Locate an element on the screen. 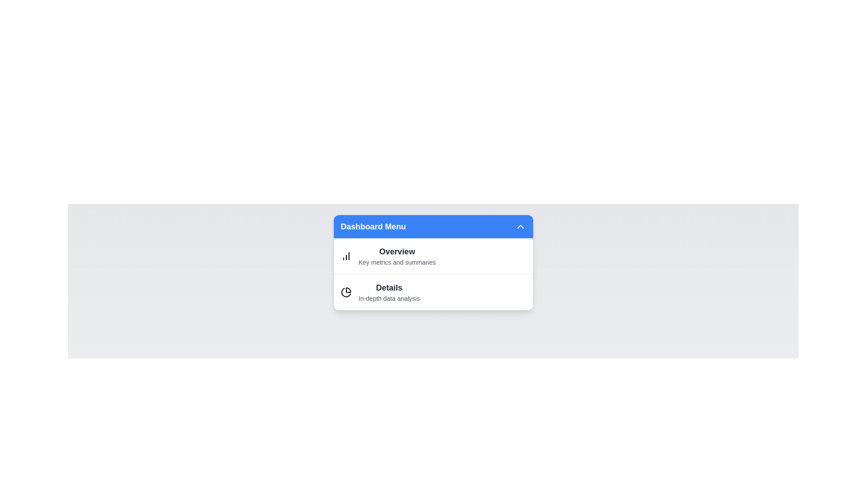  the 'Details' section to focus on its details is located at coordinates (389, 292).